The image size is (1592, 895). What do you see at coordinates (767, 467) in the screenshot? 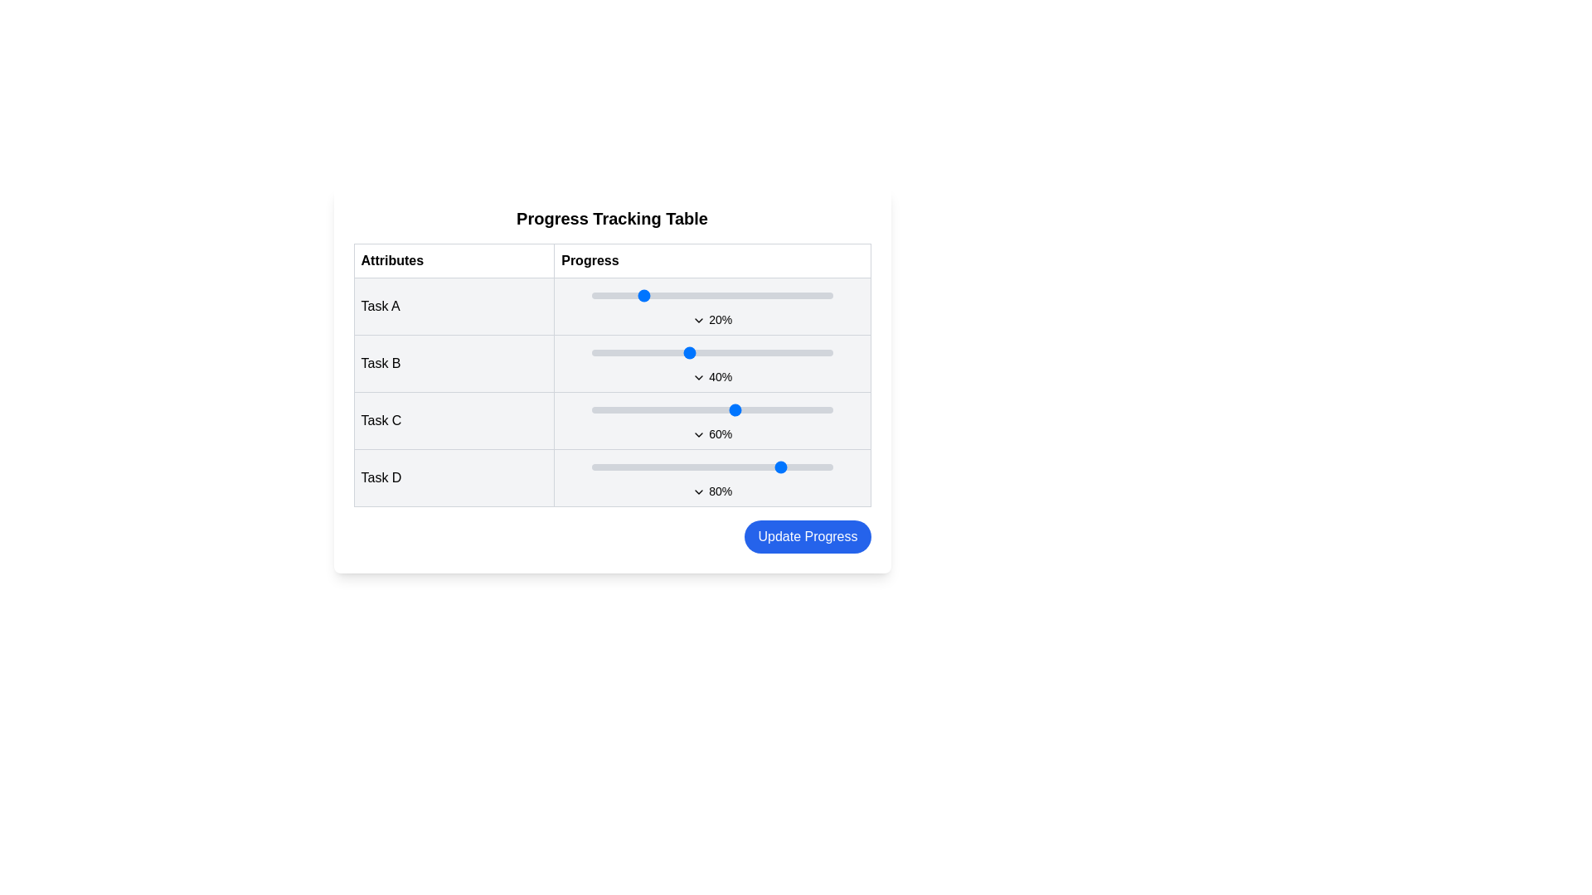
I see `progress for Task D` at bounding box center [767, 467].